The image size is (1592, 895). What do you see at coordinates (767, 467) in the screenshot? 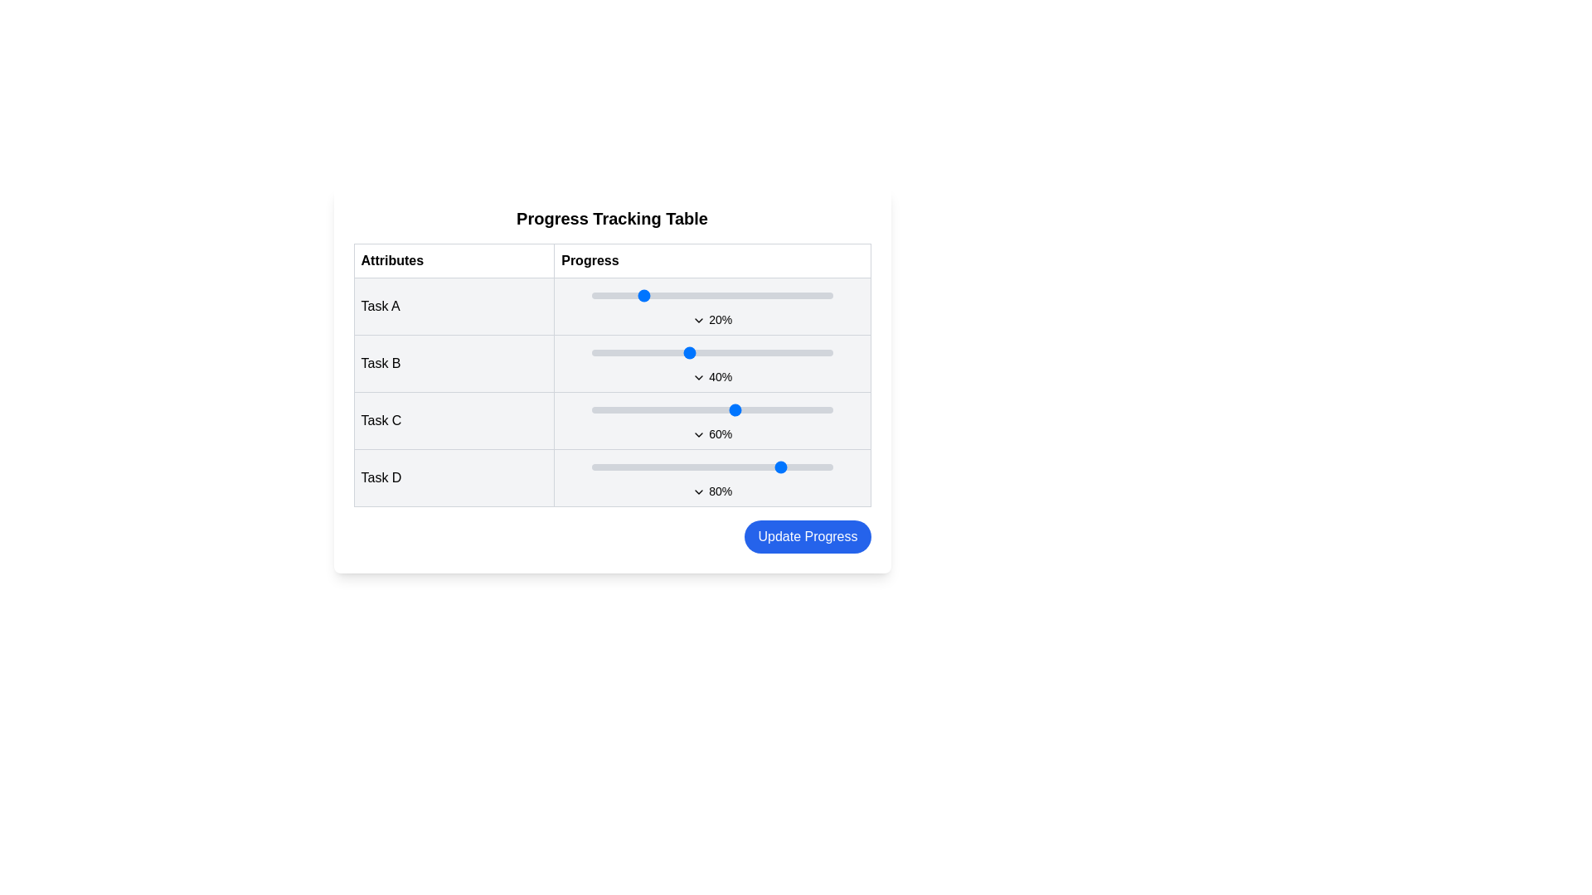
I see `progress for Task D` at bounding box center [767, 467].